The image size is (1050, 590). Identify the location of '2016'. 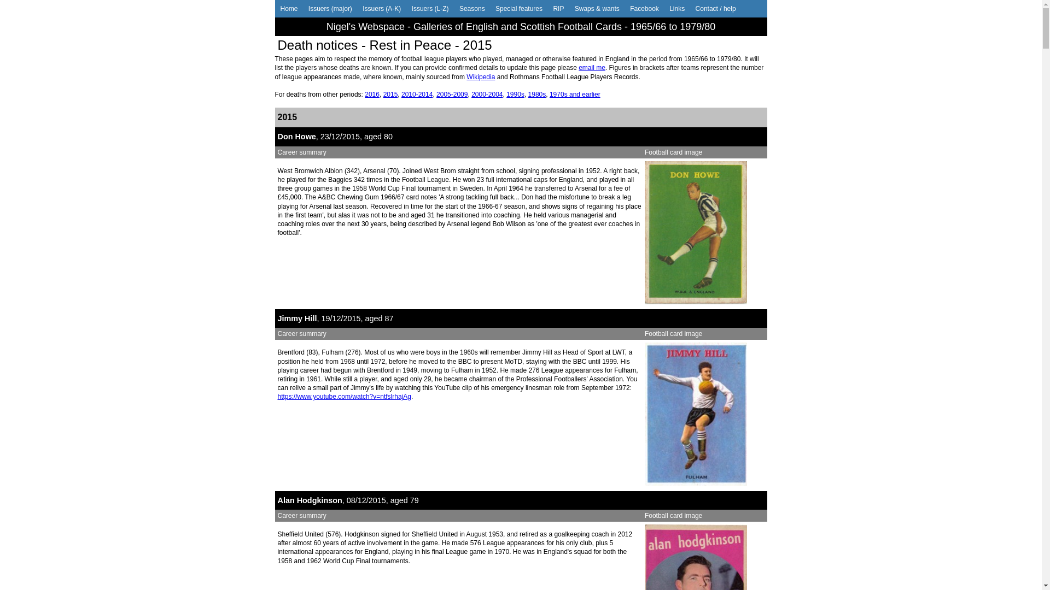
(372, 94).